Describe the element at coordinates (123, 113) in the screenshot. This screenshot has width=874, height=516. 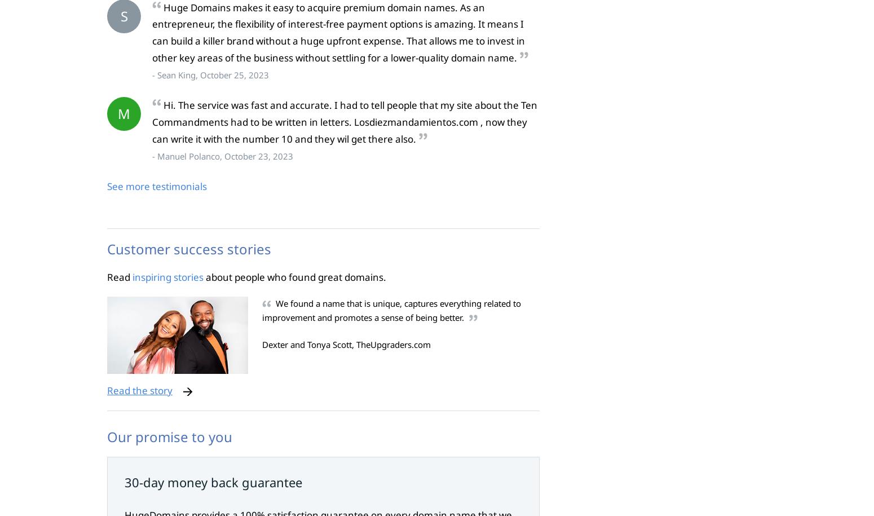
I see `'M'` at that location.